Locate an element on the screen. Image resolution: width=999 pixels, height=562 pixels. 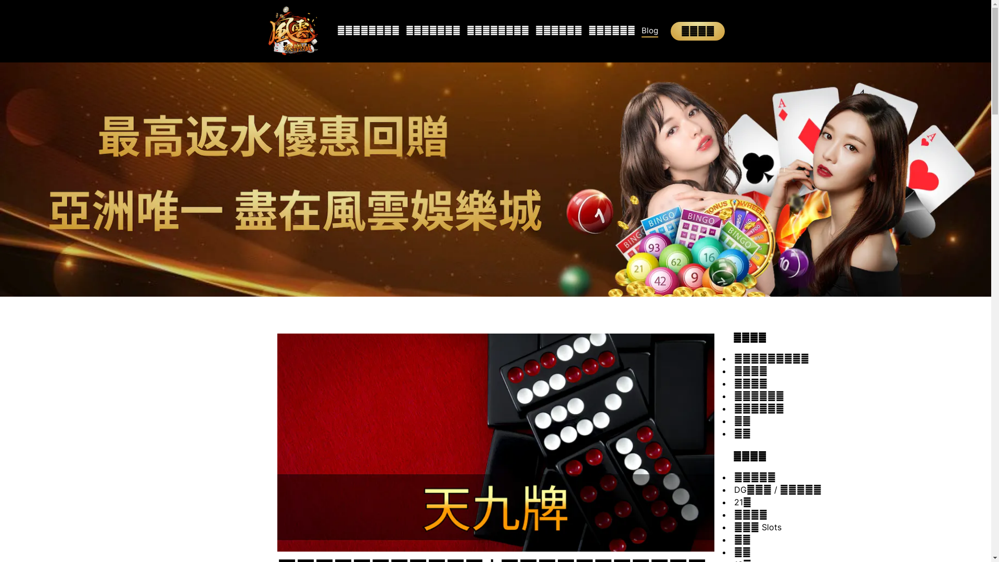
'Blog' is located at coordinates (649, 31).